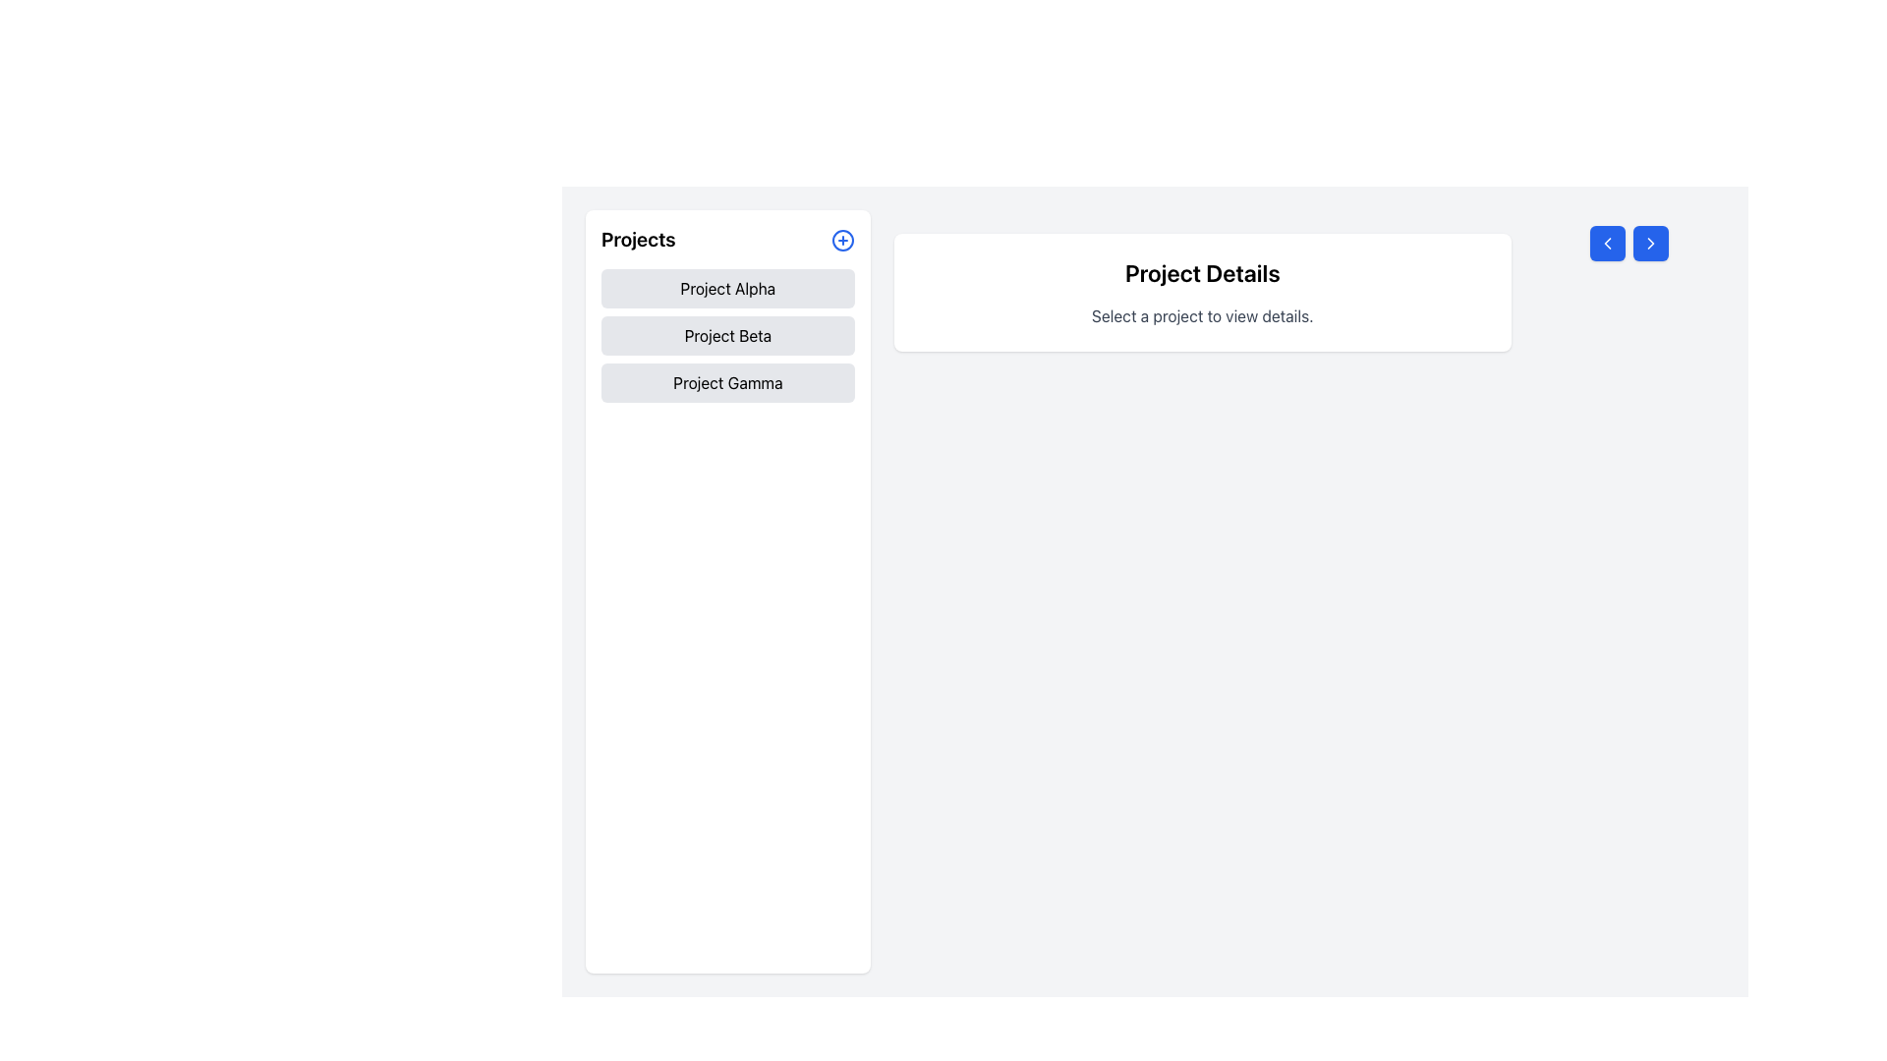  What do you see at coordinates (1651, 242) in the screenshot?
I see `the second button located at the top-right corner of the interface` at bounding box center [1651, 242].